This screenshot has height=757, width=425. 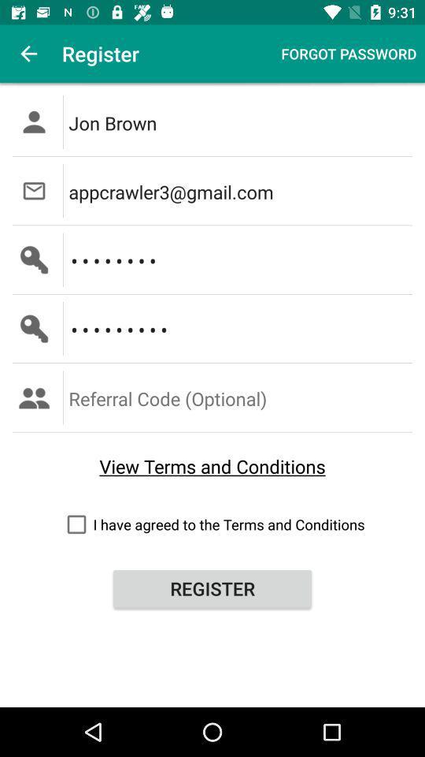 What do you see at coordinates (349, 54) in the screenshot?
I see `icon next to register icon` at bounding box center [349, 54].